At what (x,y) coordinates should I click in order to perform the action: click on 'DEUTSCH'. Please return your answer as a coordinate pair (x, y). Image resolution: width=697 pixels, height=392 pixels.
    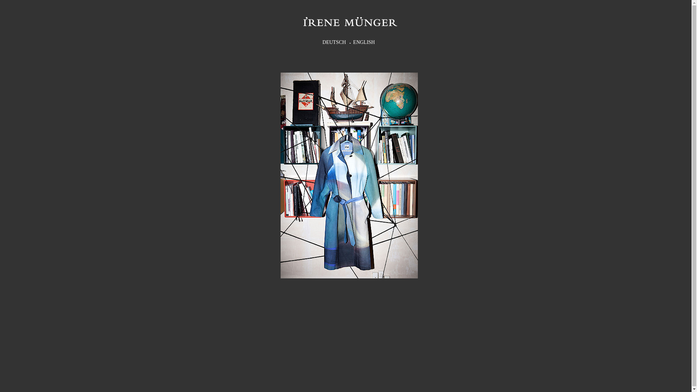
    Looking at the image, I should click on (334, 41).